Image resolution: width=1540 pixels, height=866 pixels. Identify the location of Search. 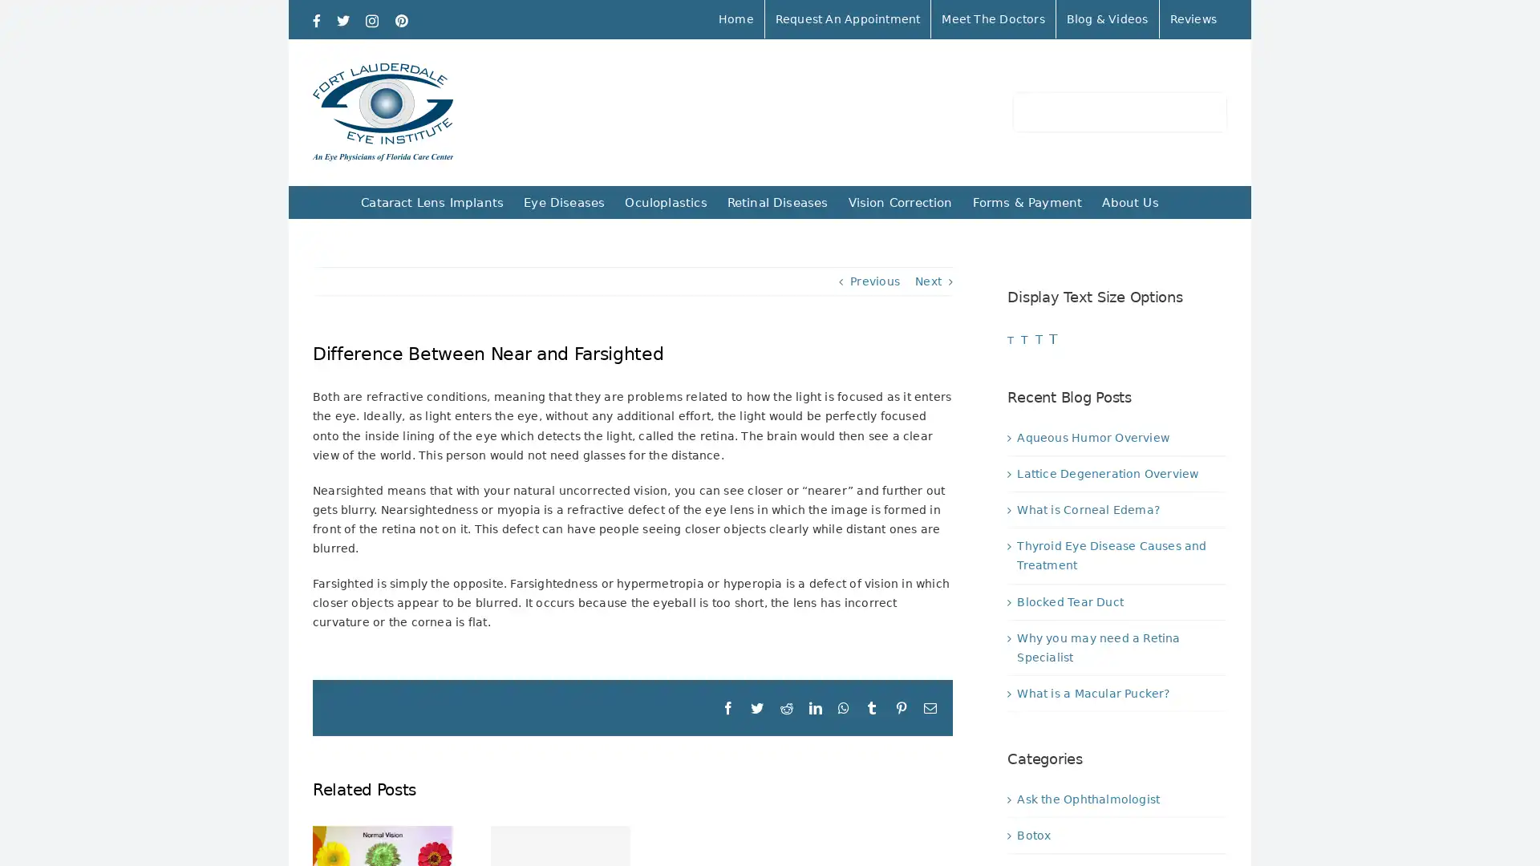
(1032, 111).